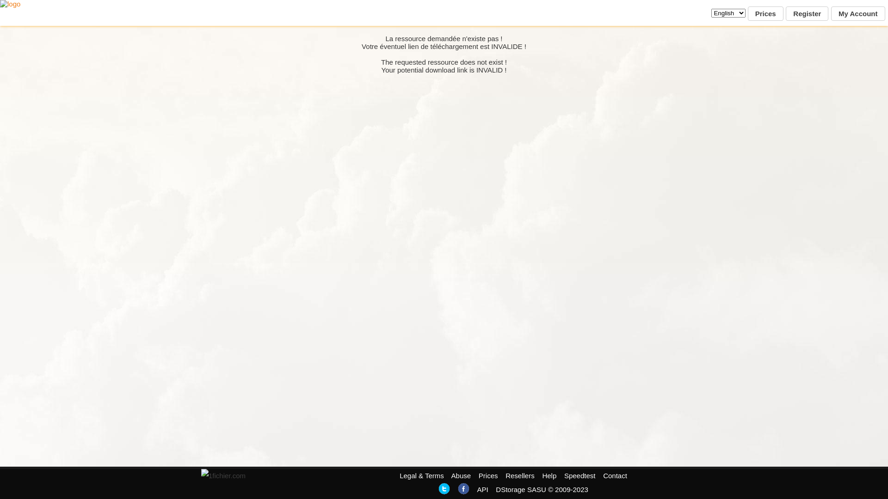 This screenshot has height=499, width=888. What do you see at coordinates (603, 475) in the screenshot?
I see `'Contact'` at bounding box center [603, 475].